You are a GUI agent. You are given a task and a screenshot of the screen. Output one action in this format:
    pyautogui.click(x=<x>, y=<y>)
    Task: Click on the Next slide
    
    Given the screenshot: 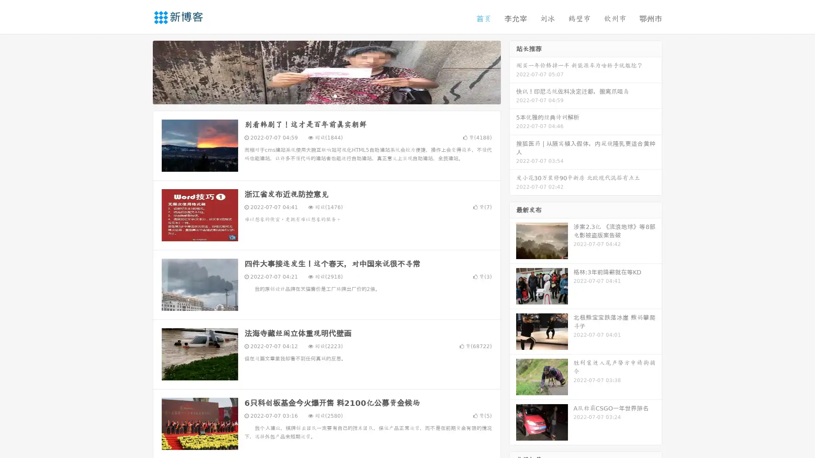 What is the action you would take?
    pyautogui.click(x=513, y=71)
    